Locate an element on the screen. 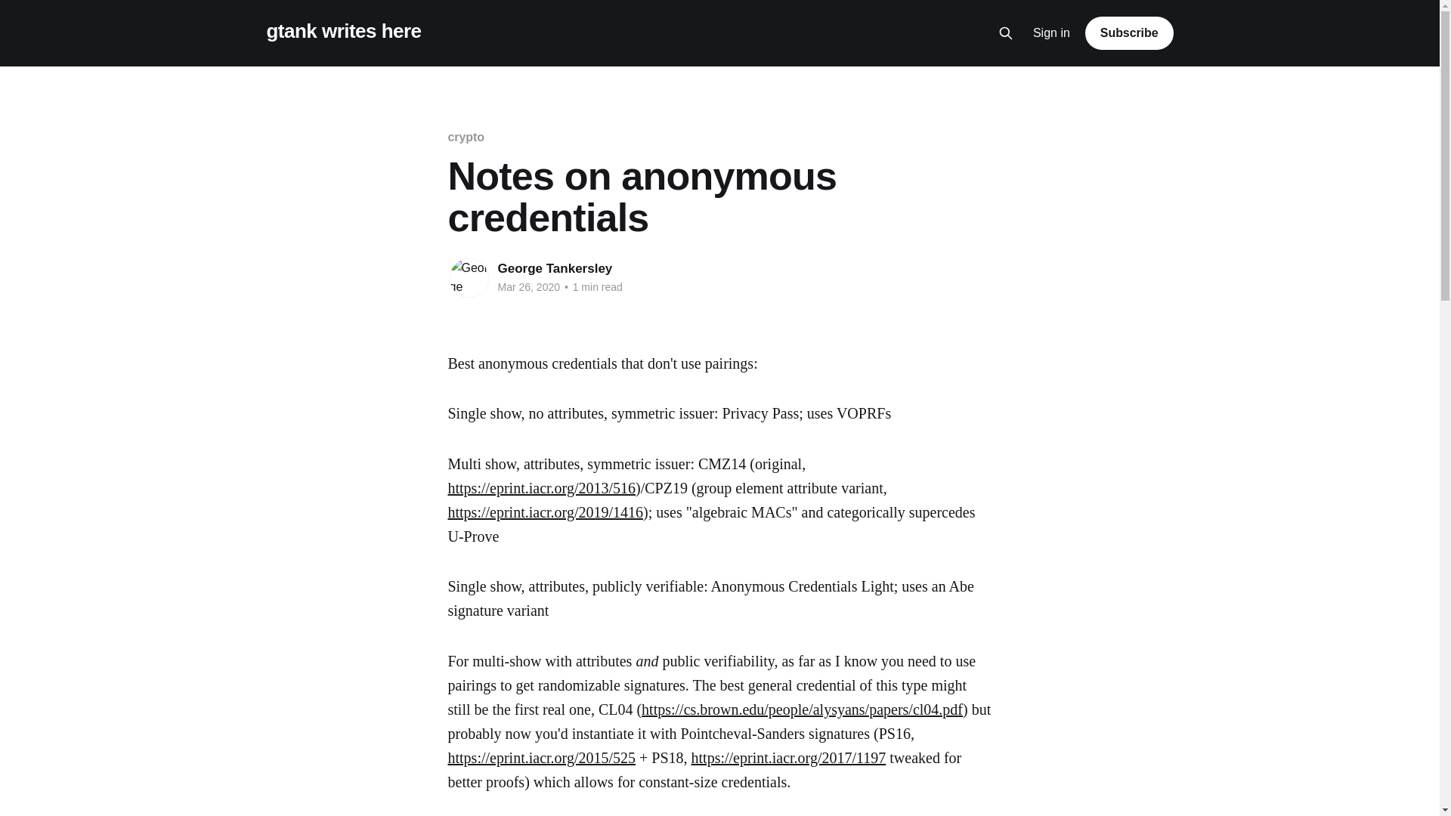  'gtank writes here' is located at coordinates (265, 31).